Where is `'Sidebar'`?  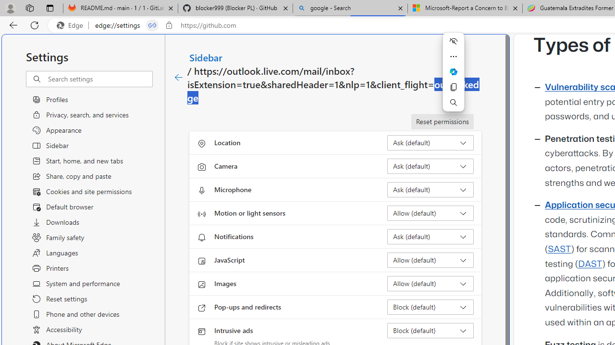
'Sidebar' is located at coordinates (206, 57).